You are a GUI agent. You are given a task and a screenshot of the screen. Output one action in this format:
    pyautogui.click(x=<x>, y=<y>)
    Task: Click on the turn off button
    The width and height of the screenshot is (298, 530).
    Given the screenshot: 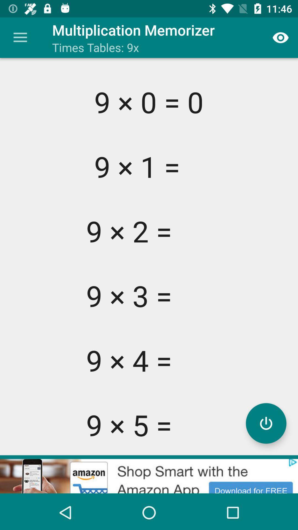 What is the action you would take?
    pyautogui.click(x=266, y=423)
    